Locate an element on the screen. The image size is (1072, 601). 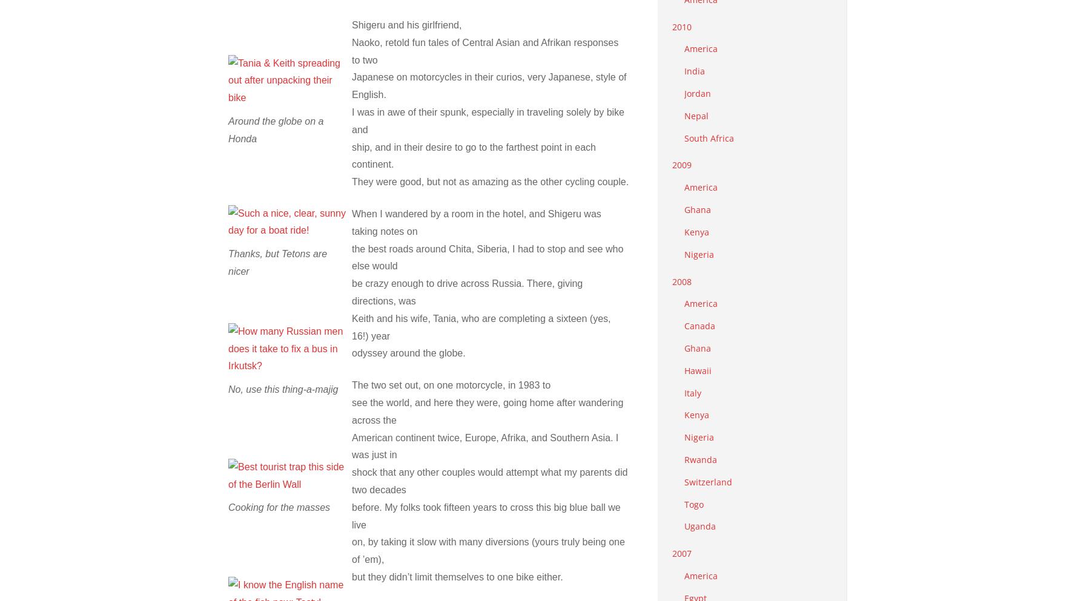
'2009' is located at coordinates (682, 165).